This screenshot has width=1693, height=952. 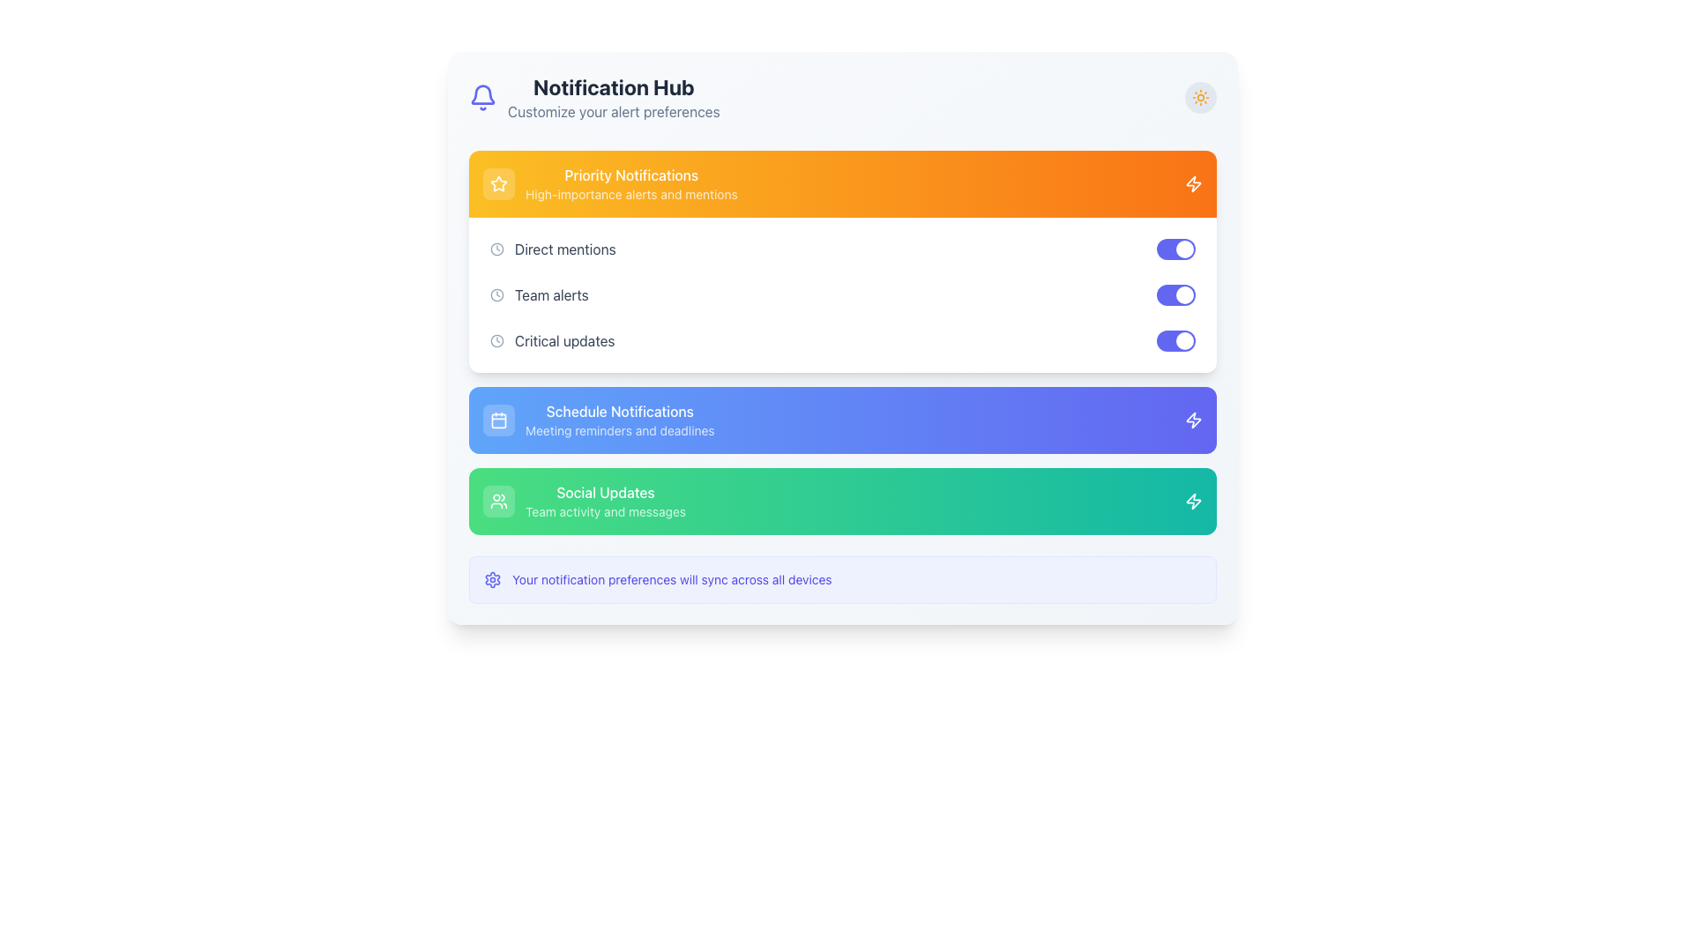 What do you see at coordinates (631, 175) in the screenshot?
I see `title text of the 'Priority Notifications' section, which is the first text element and is orange-colored, positioned at the top of the section` at bounding box center [631, 175].